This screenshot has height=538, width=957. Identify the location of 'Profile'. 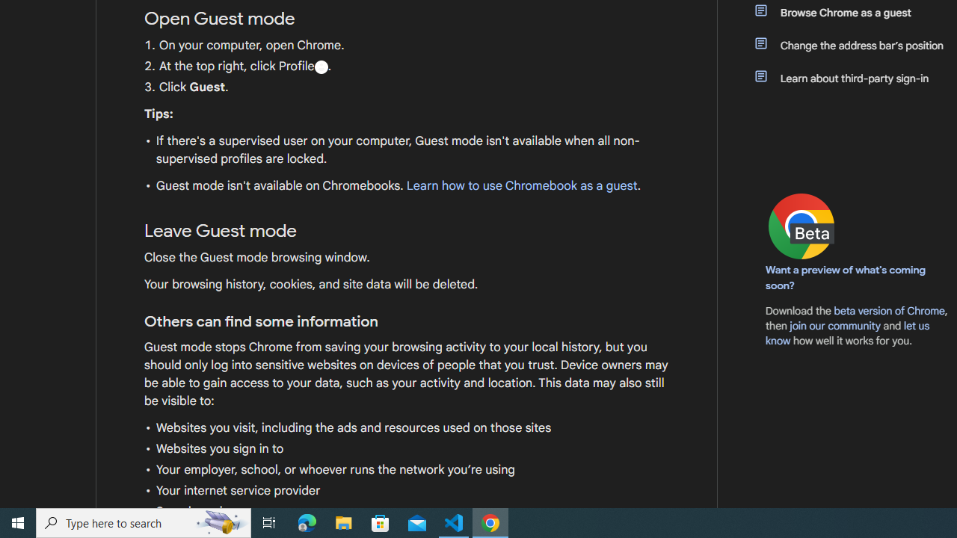
(320, 66).